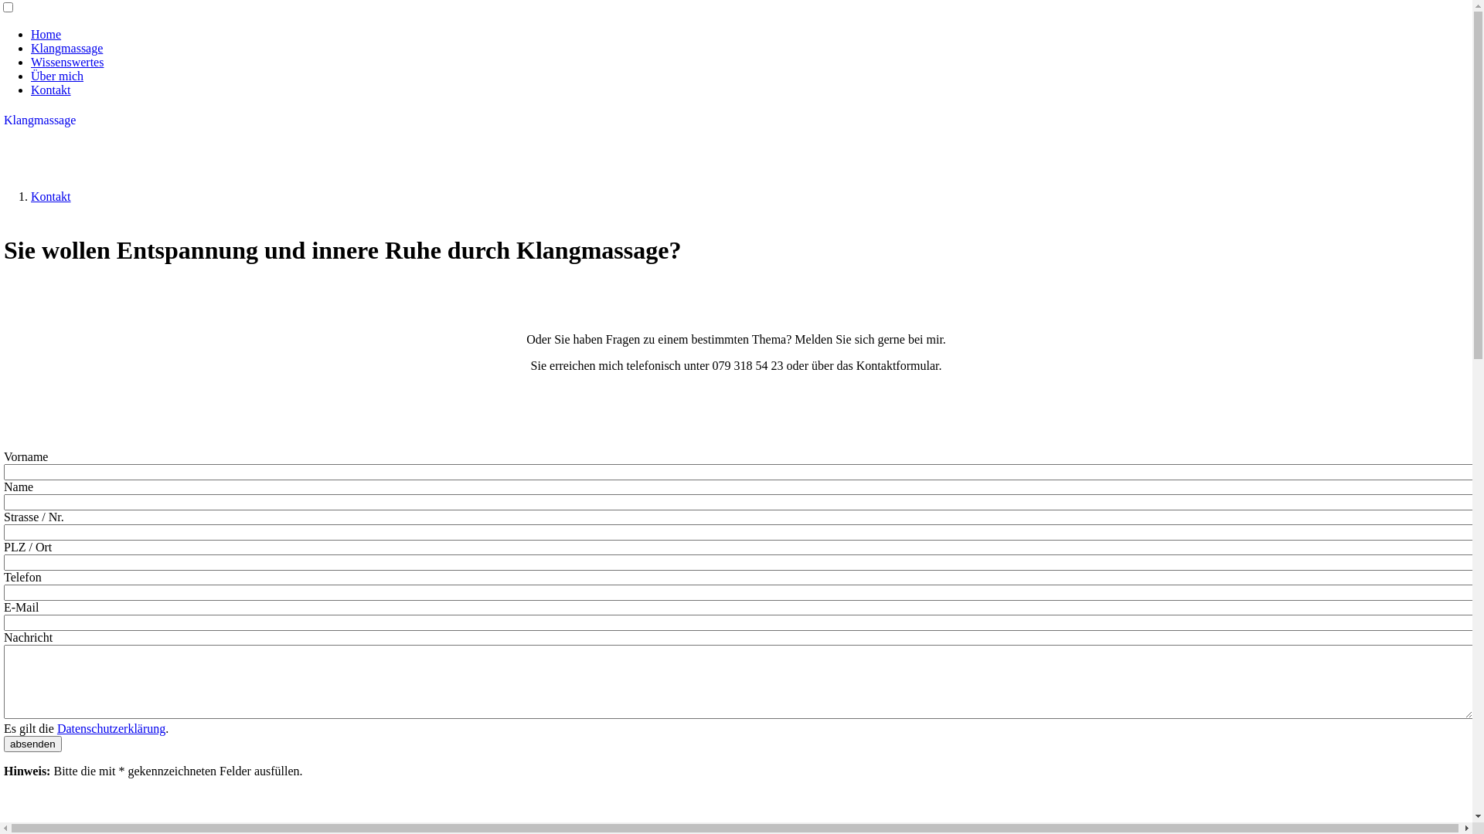  What do you see at coordinates (66, 61) in the screenshot?
I see `'Wissenswertes'` at bounding box center [66, 61].